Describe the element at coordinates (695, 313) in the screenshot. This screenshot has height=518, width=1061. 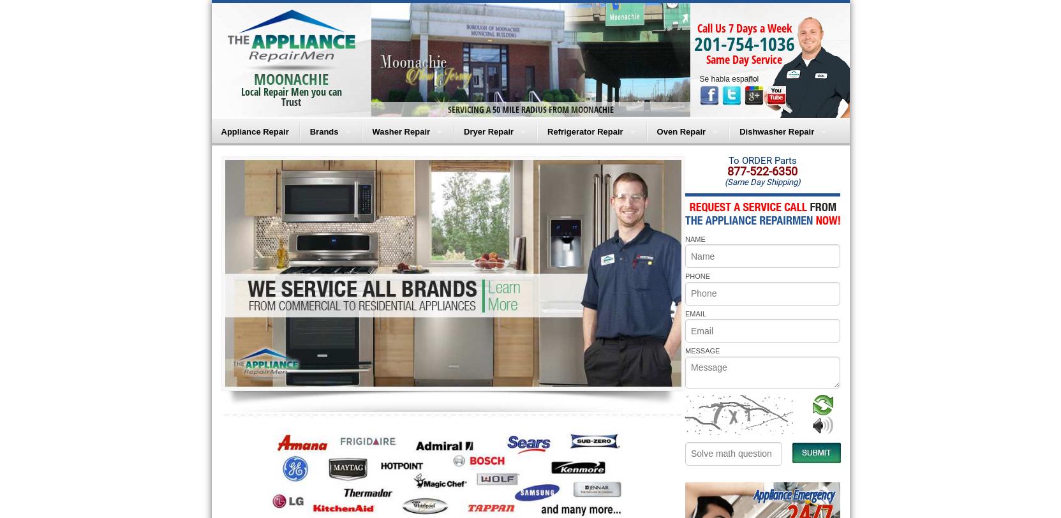
I see `'EMAIL'` at that location.